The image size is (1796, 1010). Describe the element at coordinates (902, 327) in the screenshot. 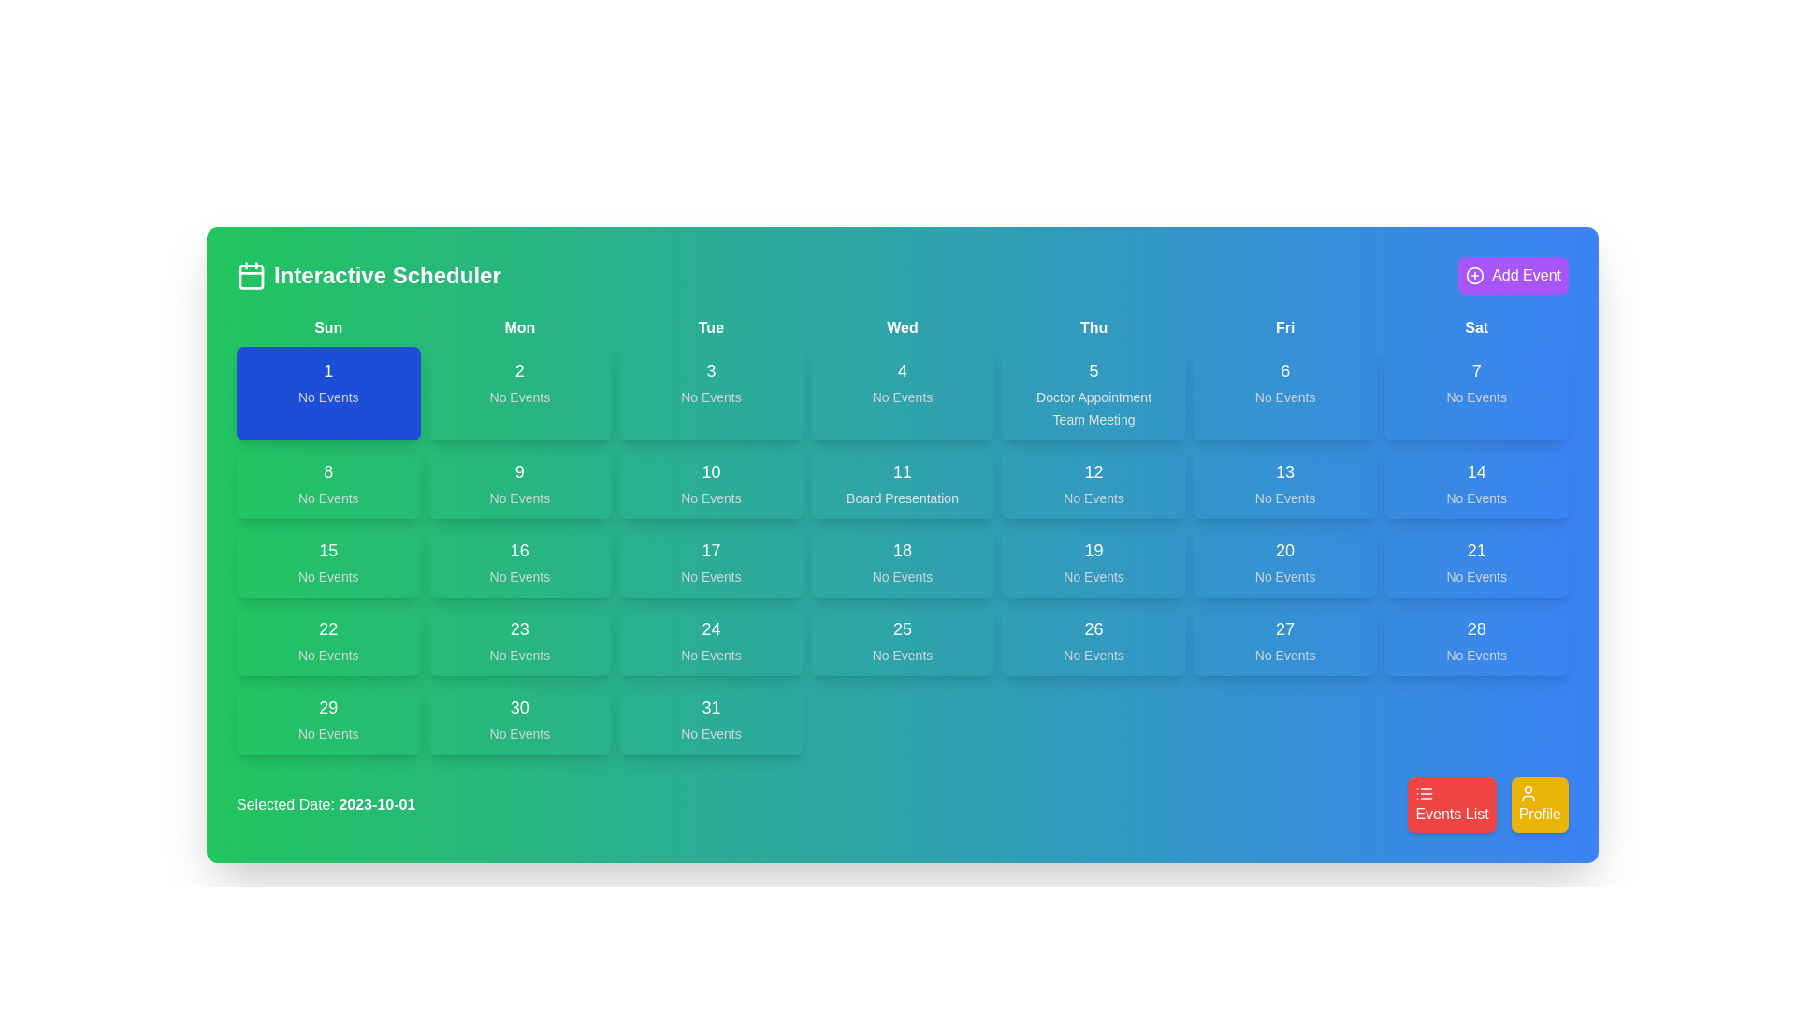

I see `the static text label indicating 'Wednesday' in the calendar view, which is the fourth entry in the sequence of day labels` at that location.